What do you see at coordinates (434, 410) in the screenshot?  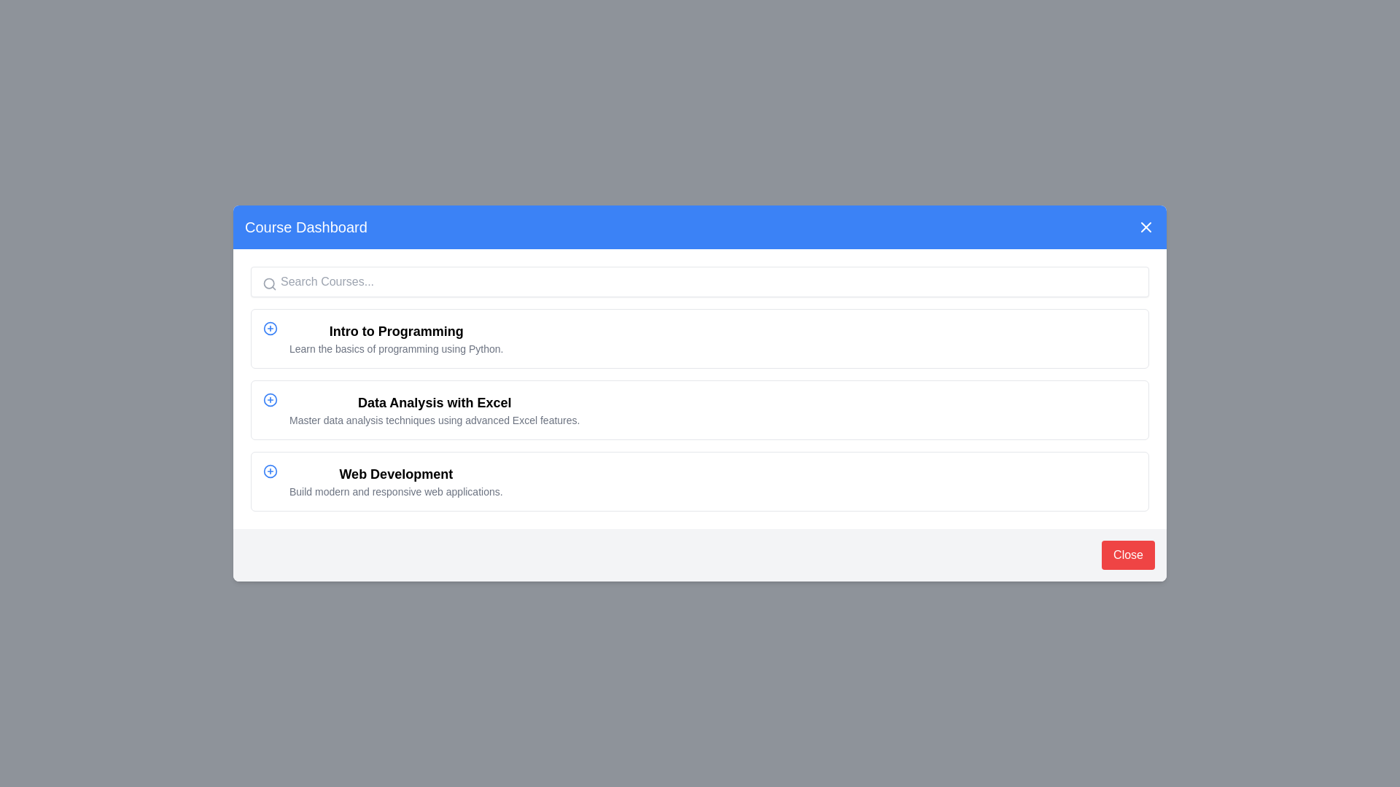 I see `the text component titled 'Data Analysis with Excel' in the course list to get more details about the course` at bounding box center [434, 410].